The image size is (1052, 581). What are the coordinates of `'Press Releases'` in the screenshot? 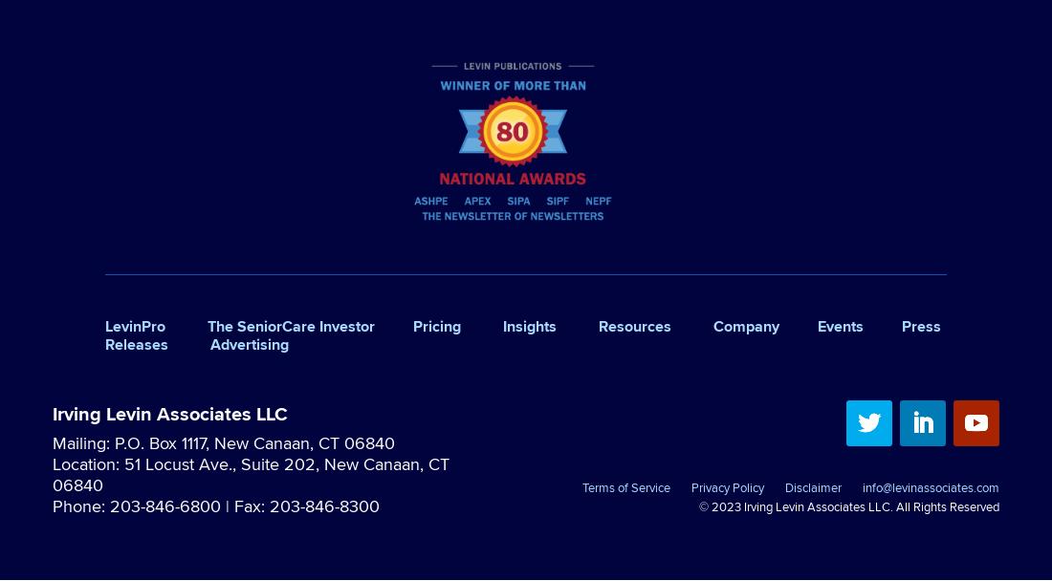 It's located at (523, 334).